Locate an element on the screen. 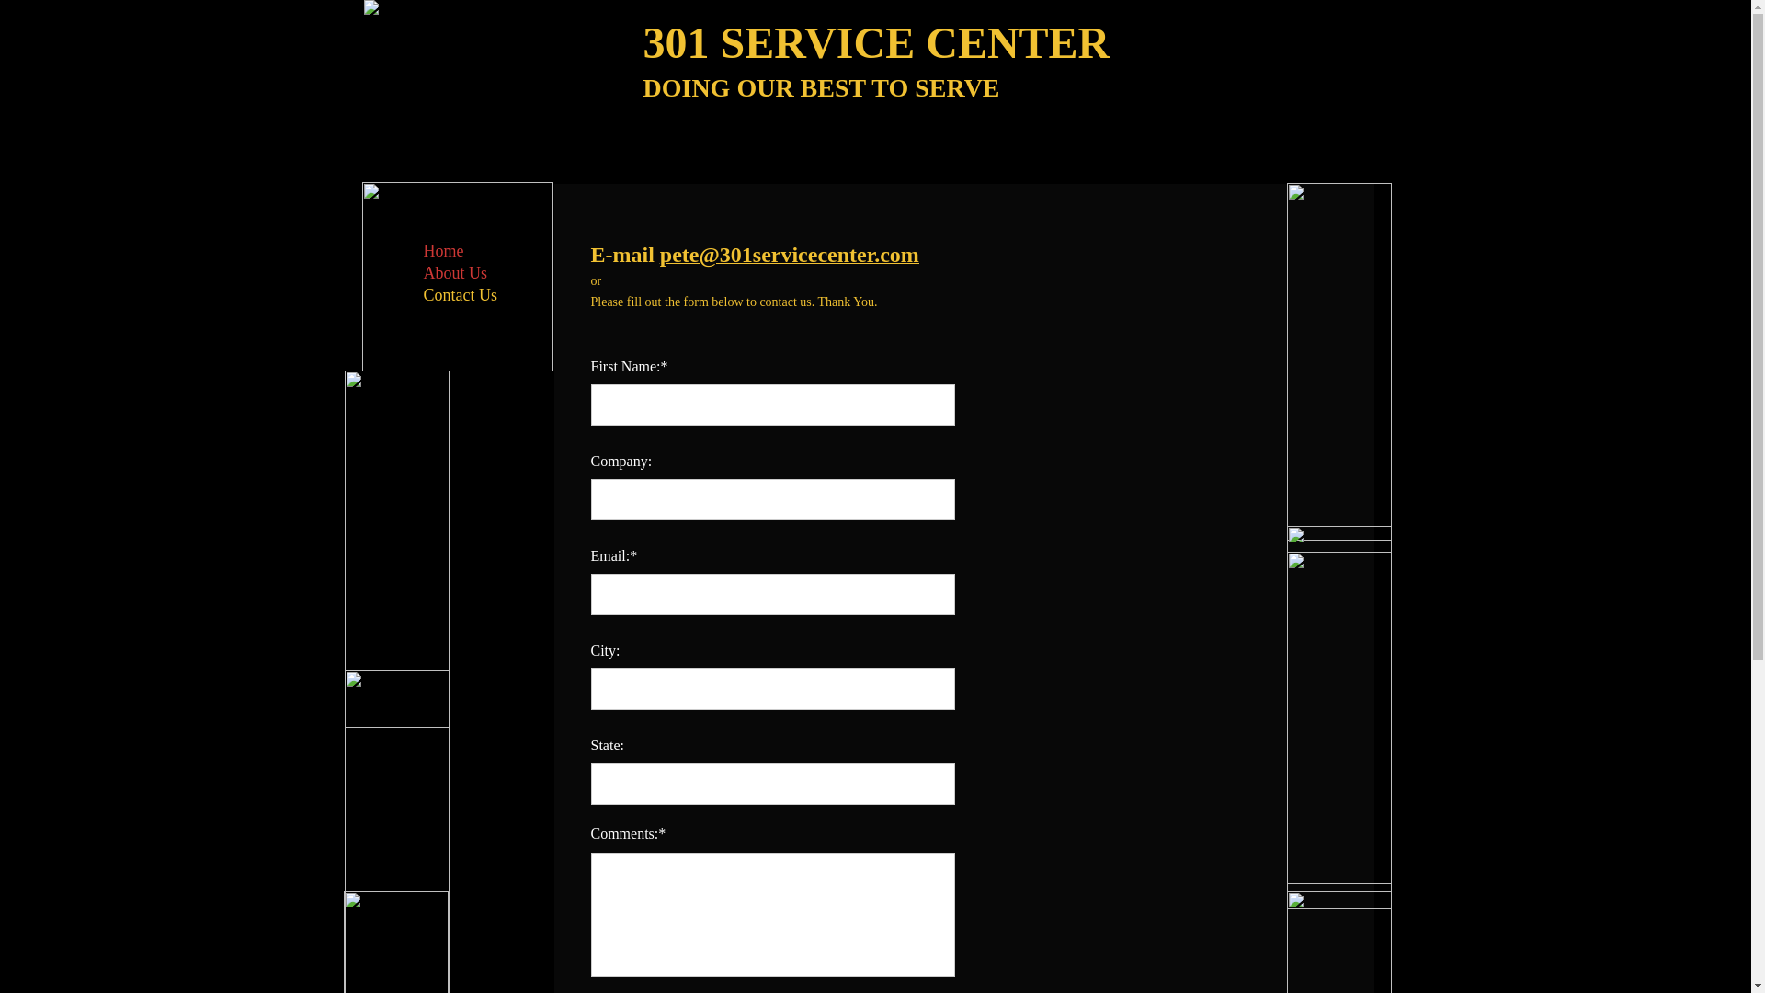  'About Us' is located at coordinates (413, 273).